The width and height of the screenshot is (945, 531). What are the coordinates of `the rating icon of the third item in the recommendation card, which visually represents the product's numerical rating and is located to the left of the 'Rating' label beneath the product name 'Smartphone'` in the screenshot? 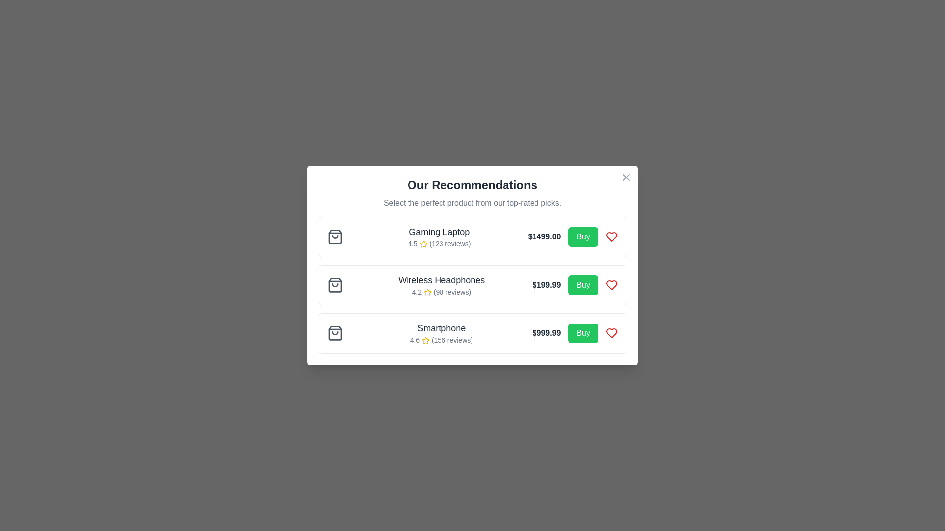 It's located at (425, 340).